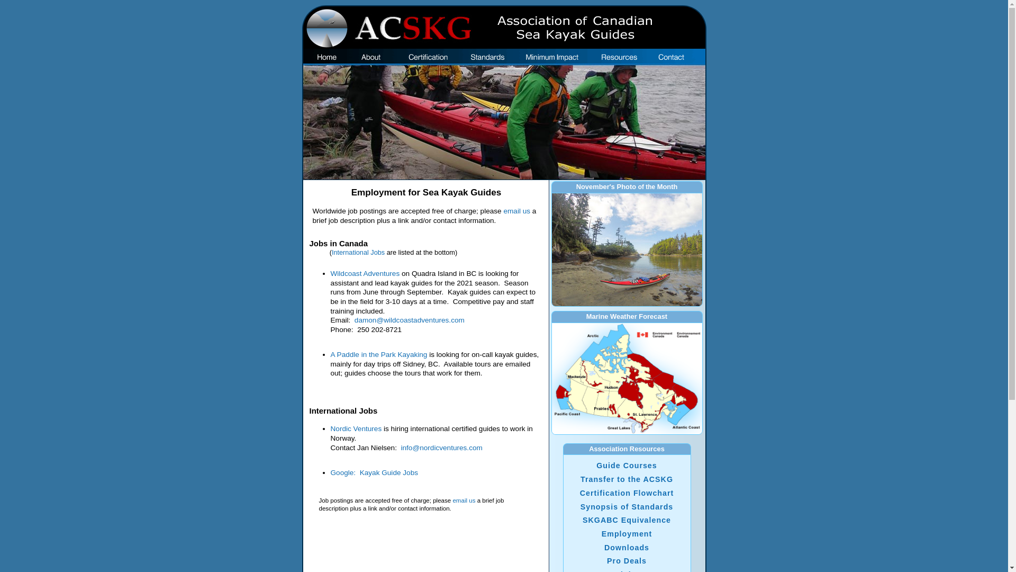 The height and width of the screenshot is (572, 1016). Describe the element at coordinates (441, 448) in the screenshot. I see `'info@nordicventures.com'` at that location.